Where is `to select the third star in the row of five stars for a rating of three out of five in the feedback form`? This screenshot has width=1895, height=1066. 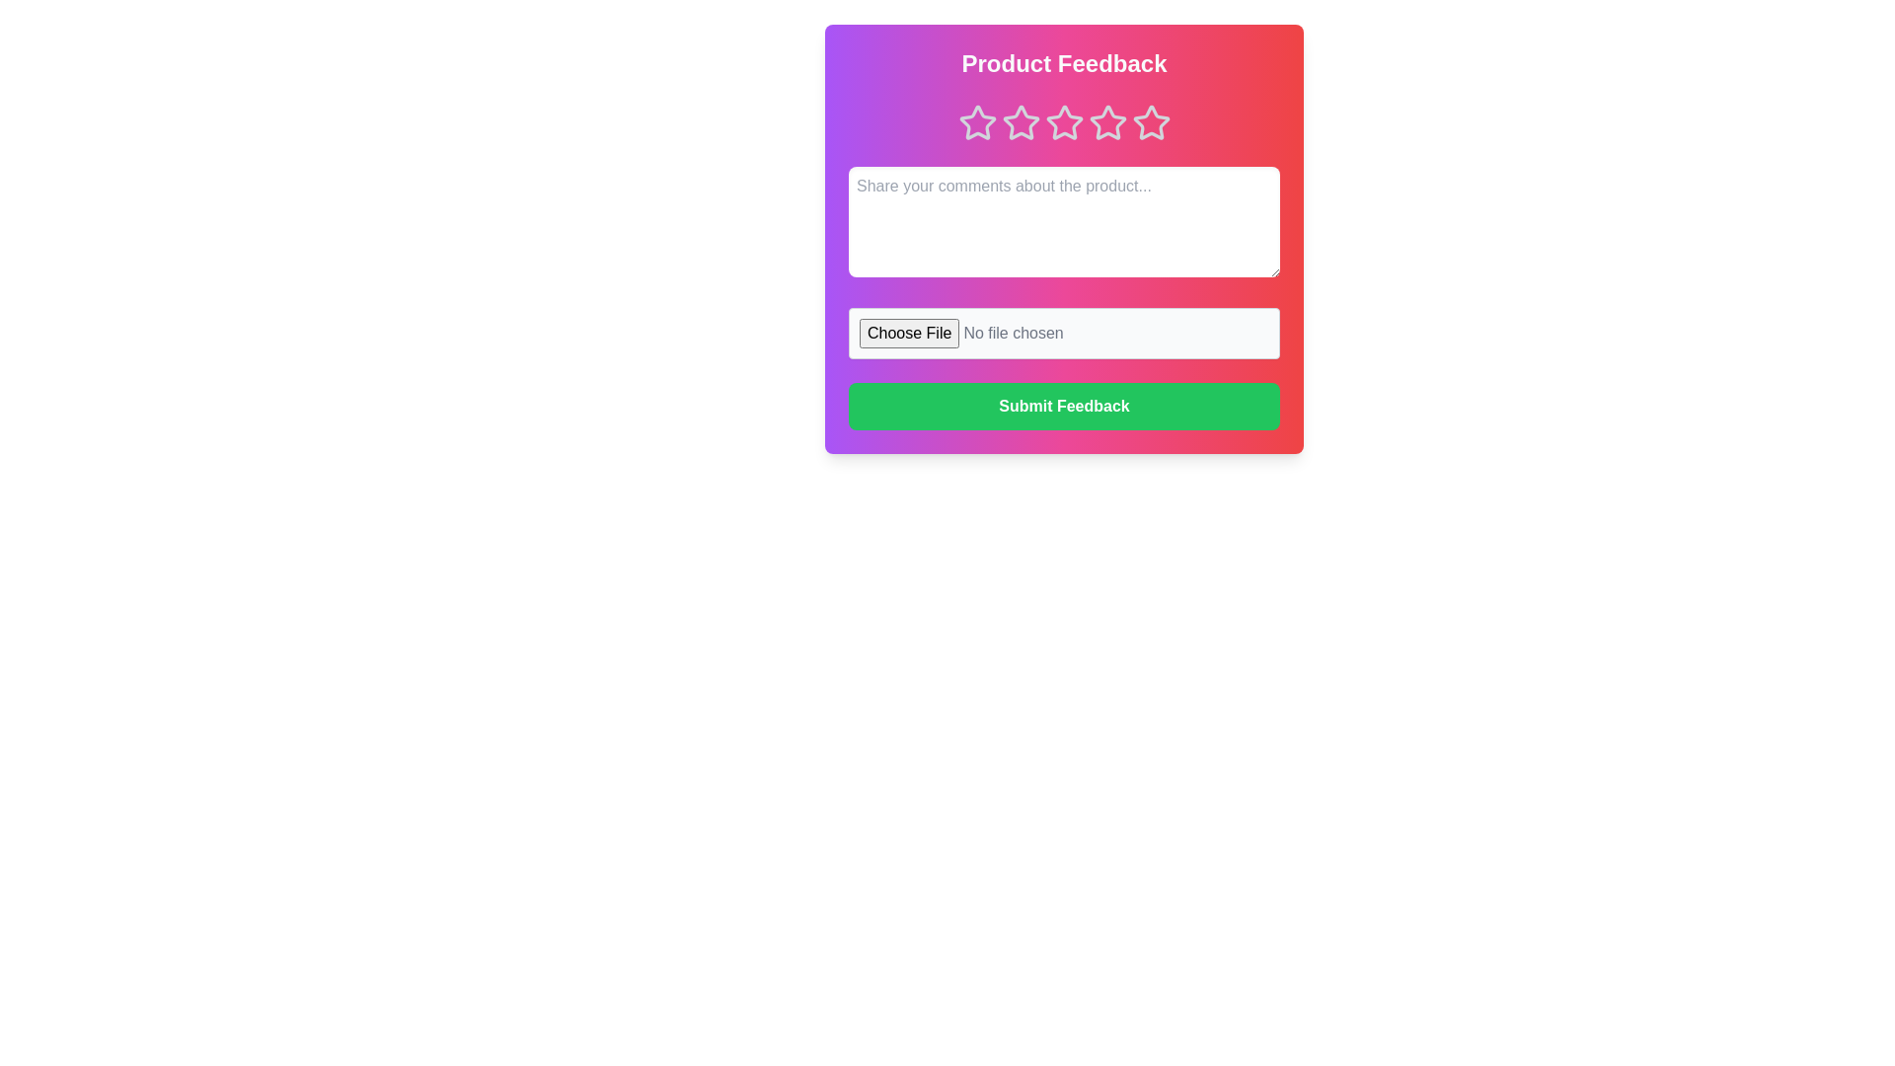 to select the third star in the row of five stars for a rating of three out of five in the feedback form is located at coordinates (1063, 122).